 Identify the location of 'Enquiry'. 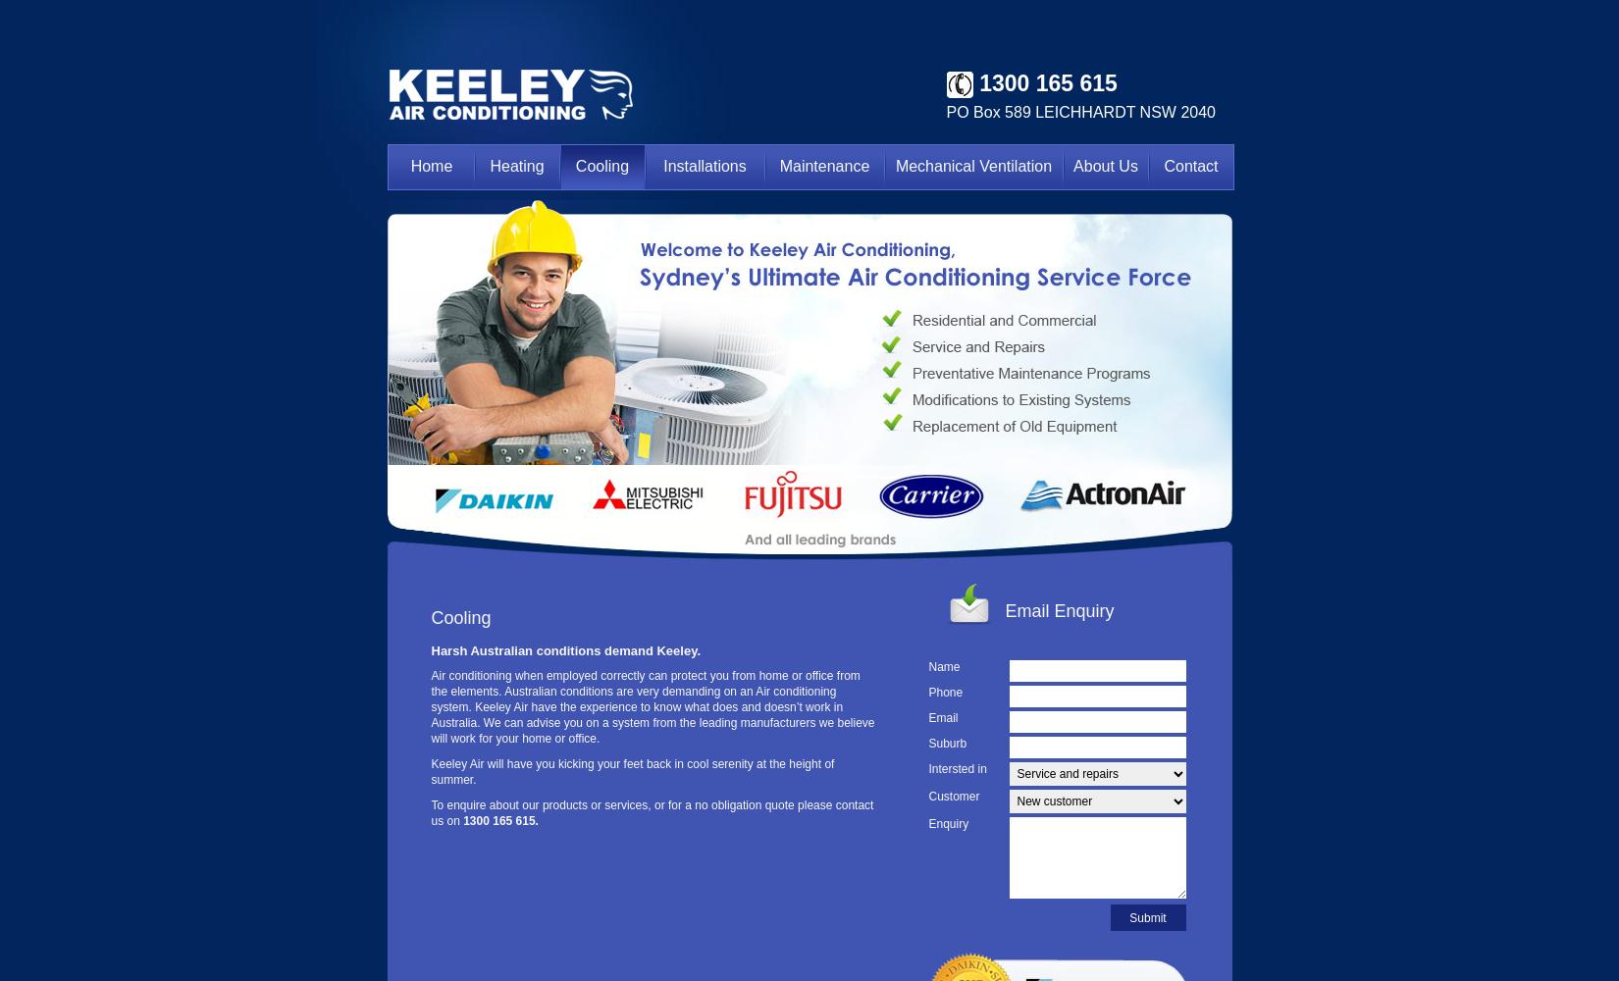
(927, 823).